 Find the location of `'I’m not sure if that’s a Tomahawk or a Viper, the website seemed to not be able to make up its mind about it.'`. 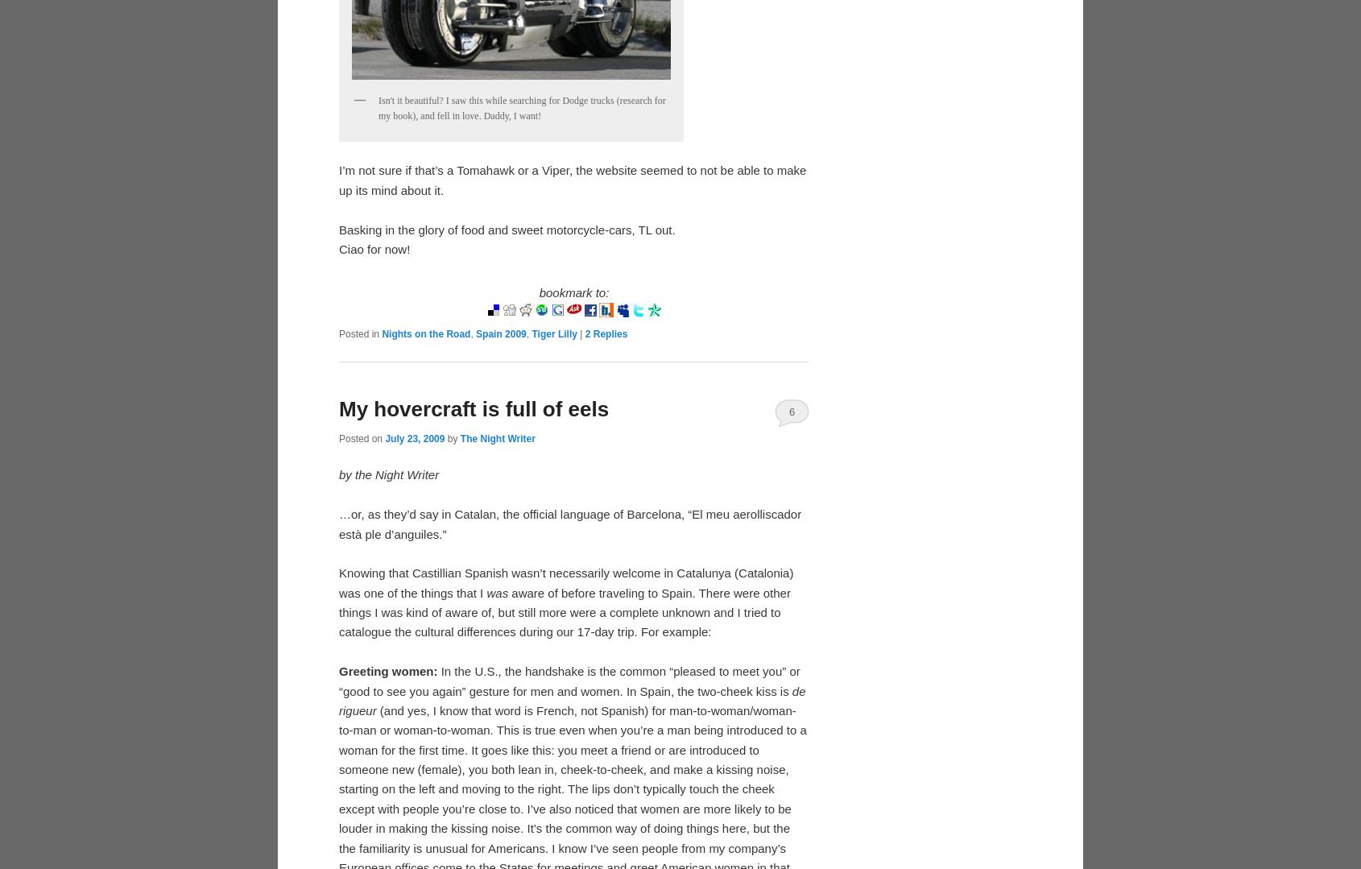

'I’m not sure if that’s a Tomahawk or a Viper, the website seemed to not be able to make up its mind about it.' is located at coordinates (571, 179).